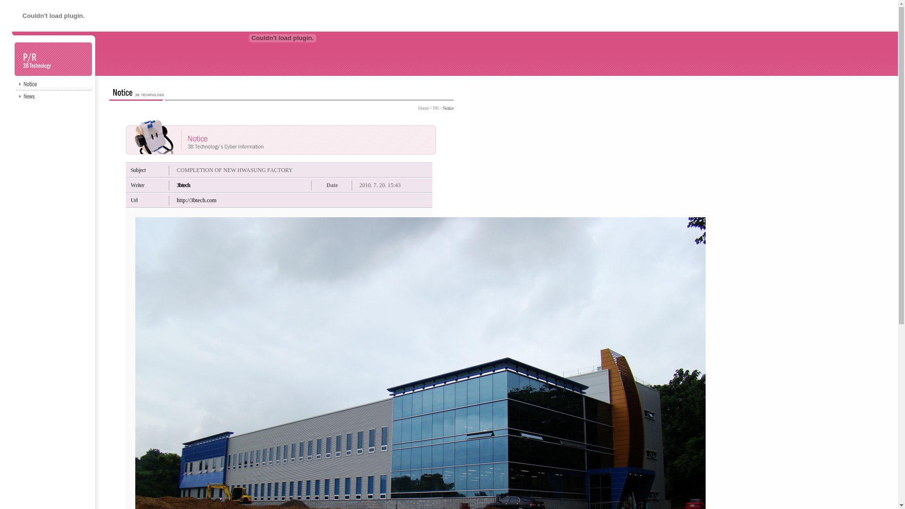 This screenshot has height=509, width=905. Describe the element at coordinates (176, 185) in the screenshot. I see `'3btech'` at that location.